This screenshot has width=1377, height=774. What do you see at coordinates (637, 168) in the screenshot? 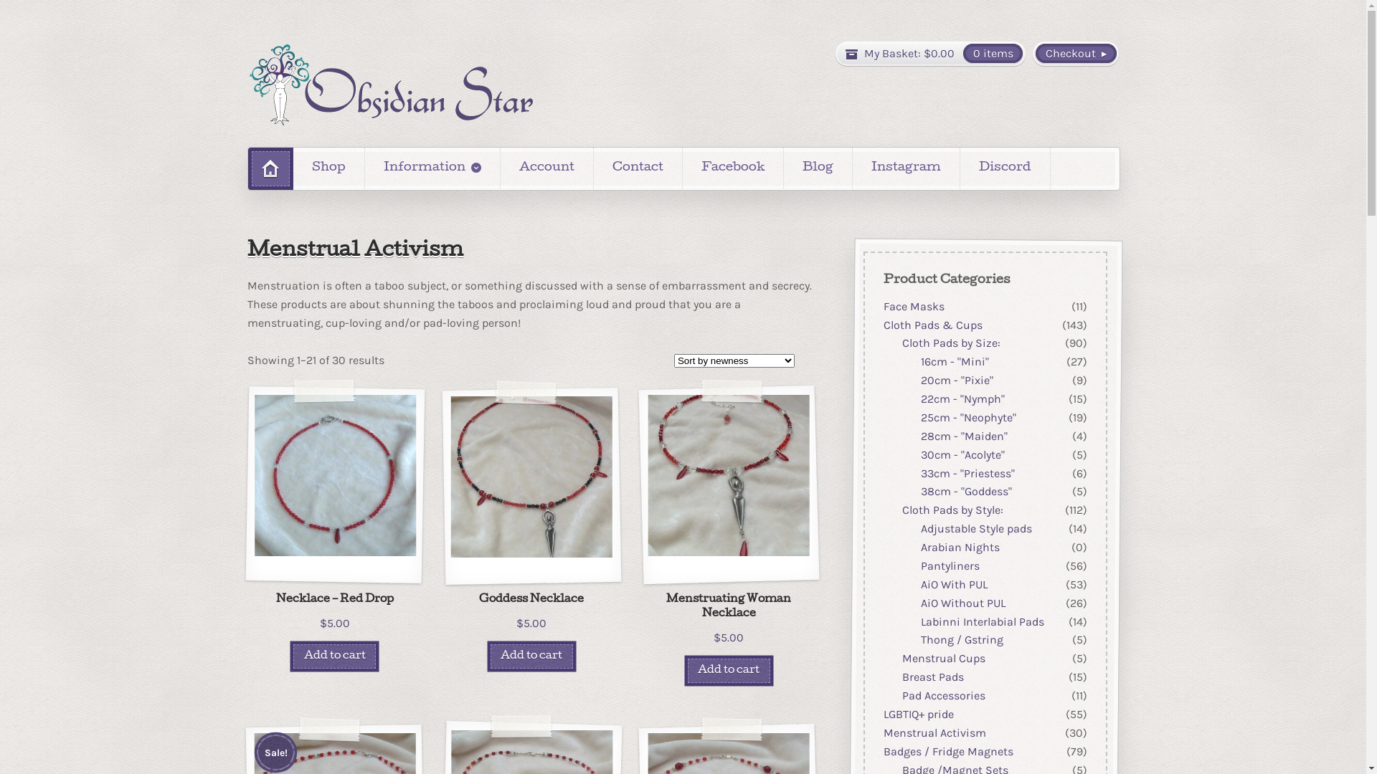
I see `'Contact'` at bounding box center [637, 168].